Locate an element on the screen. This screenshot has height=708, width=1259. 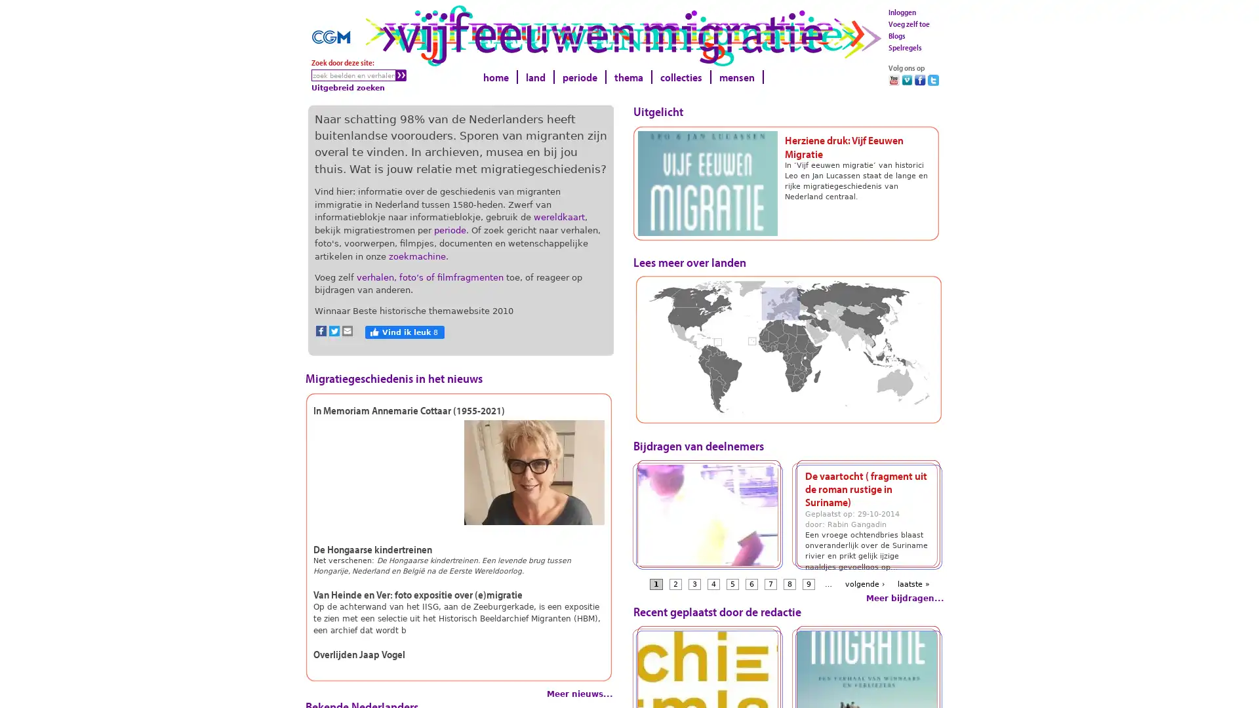
Zoeken is located at coordinates (400, 75).